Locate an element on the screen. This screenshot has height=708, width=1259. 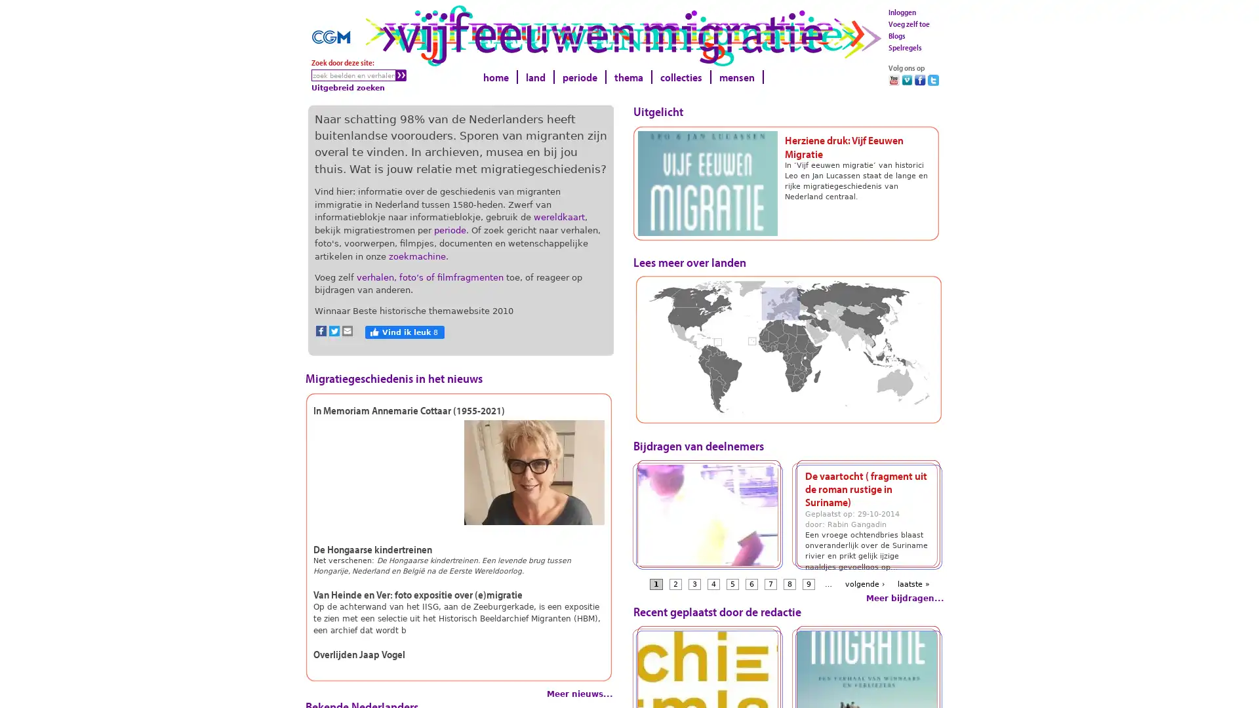
Zoeken is located at coordinates (400, 75).